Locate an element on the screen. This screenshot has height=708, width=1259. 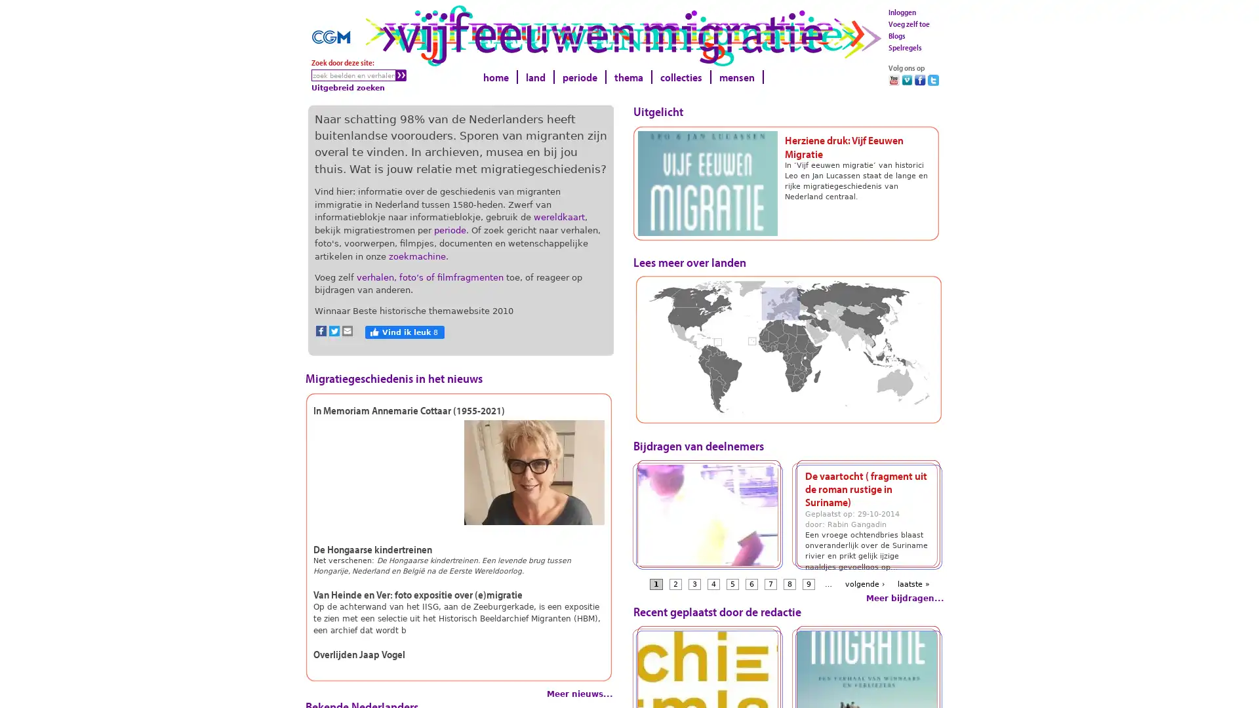
Zoeken is located at coordinates (400, 75).